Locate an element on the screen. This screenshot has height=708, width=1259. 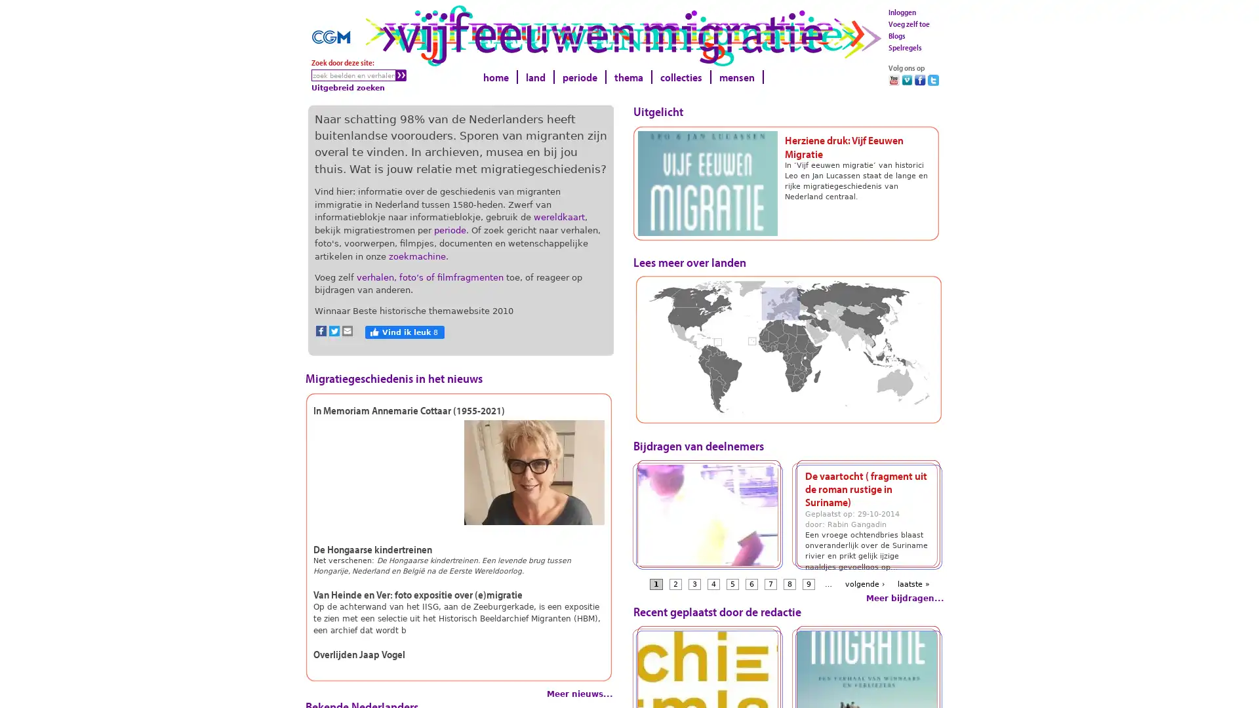
Zoeken is located at coordinates (400, 75).